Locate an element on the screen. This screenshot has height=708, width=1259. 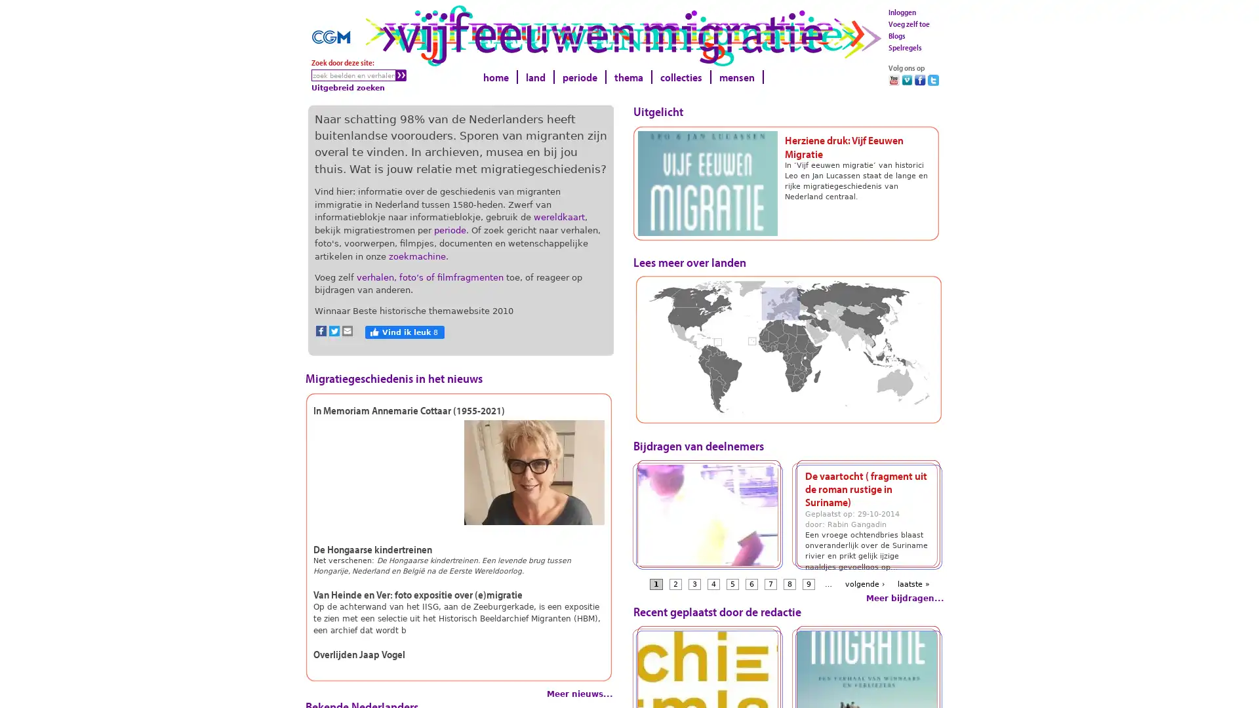
Zoeken is located at coordinates (400, 75).